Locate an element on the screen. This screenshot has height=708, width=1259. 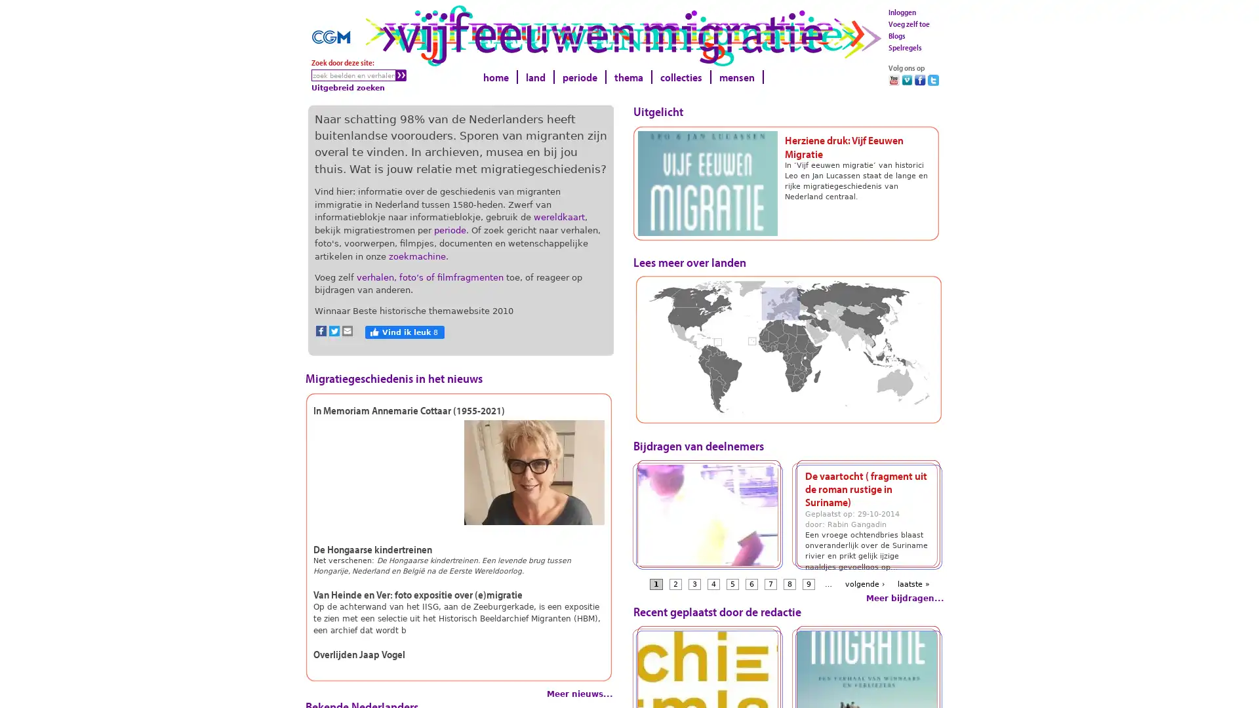
Zoeken is located at coordinates (400, 75).